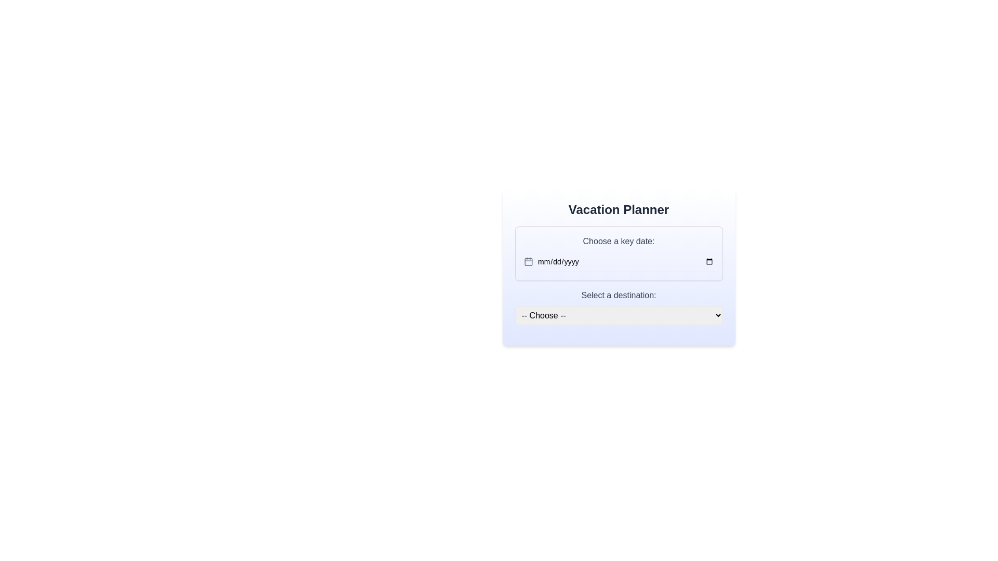  I want to click on keyboard navigation, so click(625, 261).